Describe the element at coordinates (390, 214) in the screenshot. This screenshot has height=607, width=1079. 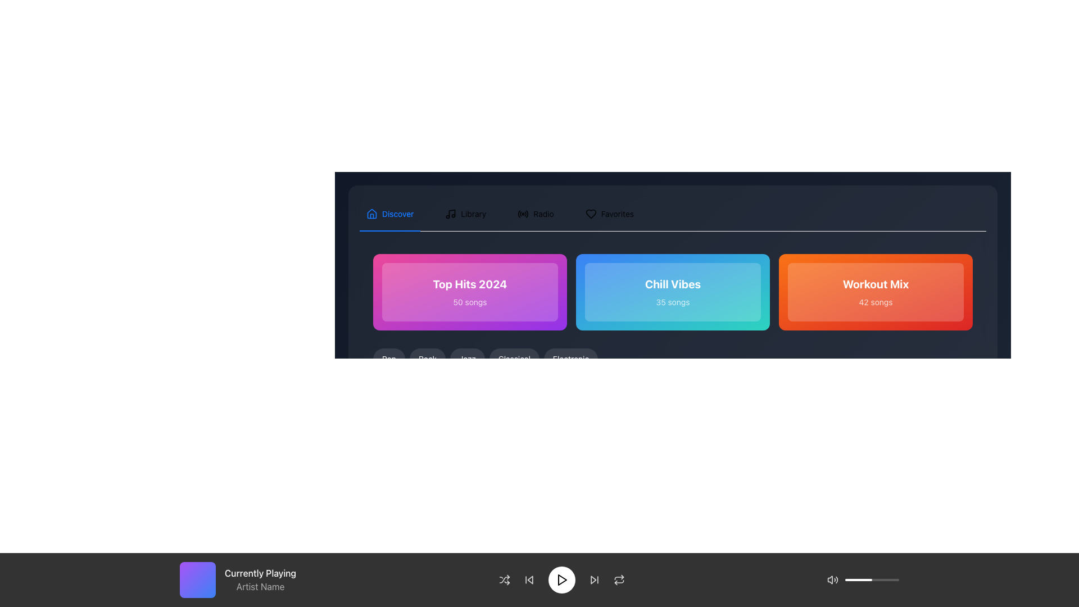
I see `the 'Discover' tab button in the navigation bar` at that location.